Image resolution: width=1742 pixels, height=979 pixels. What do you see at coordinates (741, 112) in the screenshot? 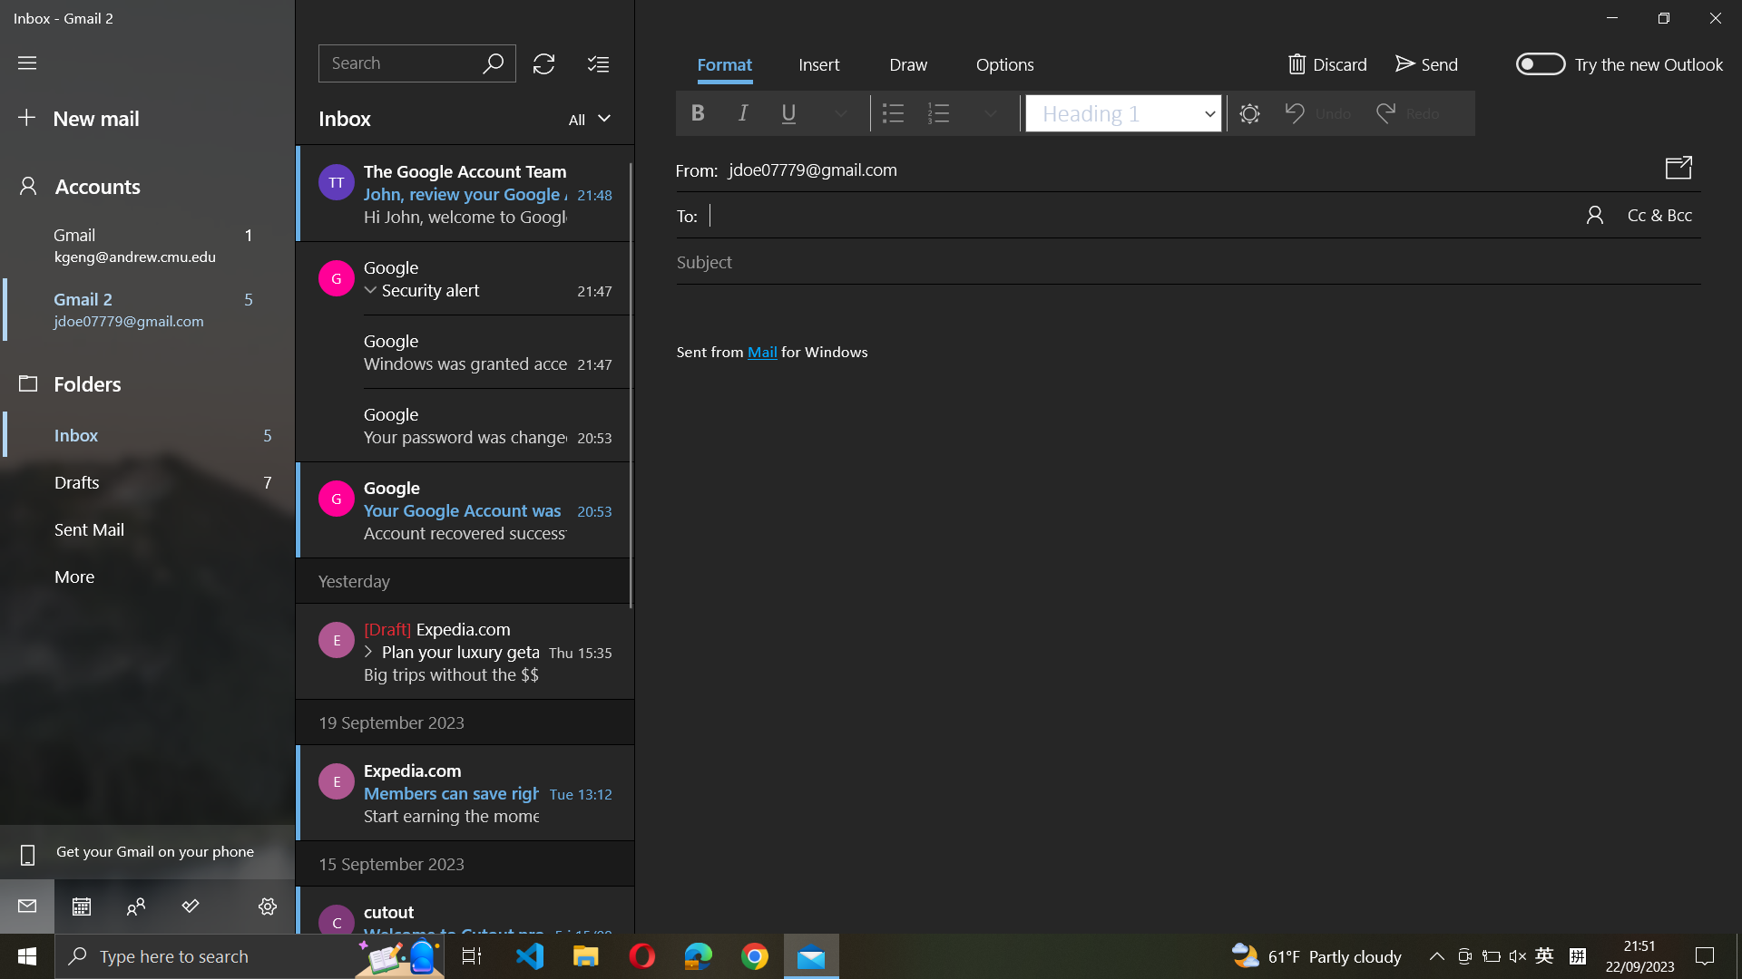
I see `Format text to italic` at bounding box center [741, 112].